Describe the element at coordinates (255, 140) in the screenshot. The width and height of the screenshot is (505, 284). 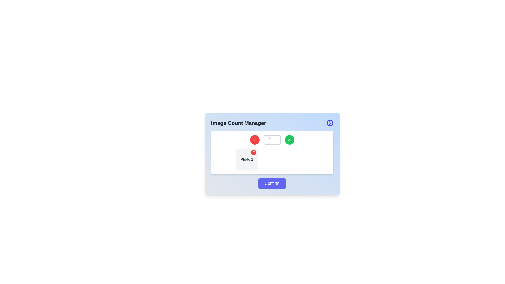
I see `the small downward-pointing triangle icon located inside the red circular button in the top-left corner of the white panel area` at that location.